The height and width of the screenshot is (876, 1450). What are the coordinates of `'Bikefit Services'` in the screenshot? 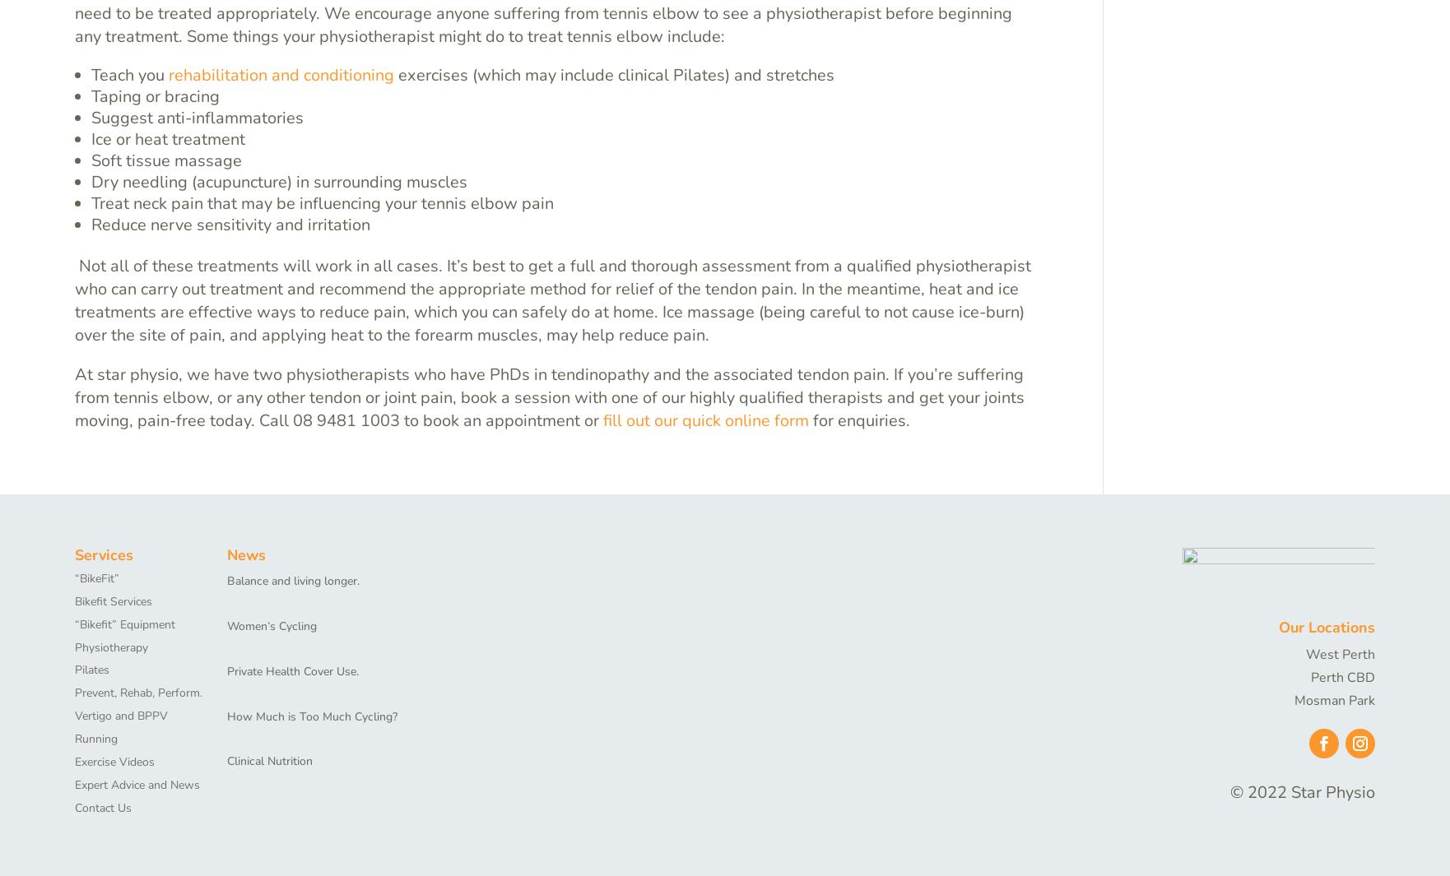 It's located at (113, 600).